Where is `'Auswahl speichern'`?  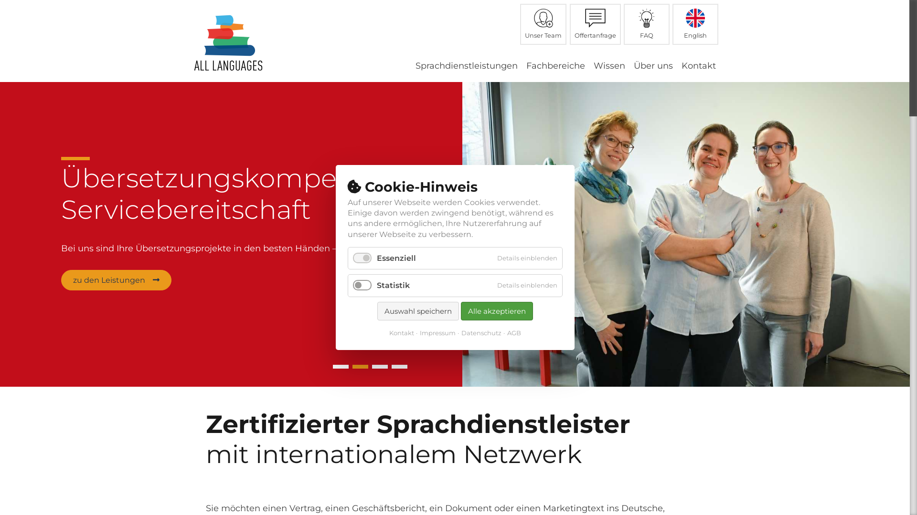
'Auswahl speichern' is located at coordinates (418, 311).